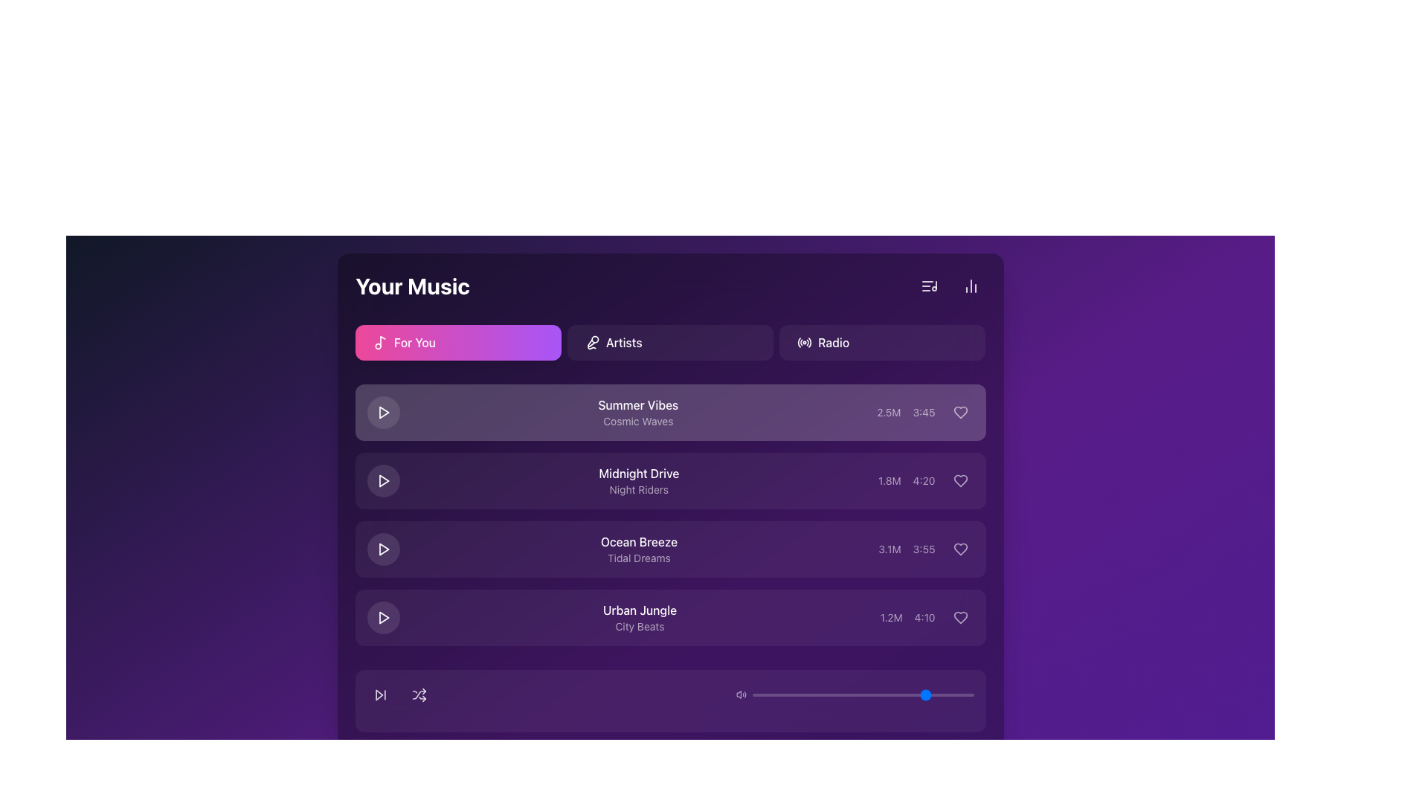 This screenshot has height=803, width=1428. I want to click on the third song entry, so click(669, 549).